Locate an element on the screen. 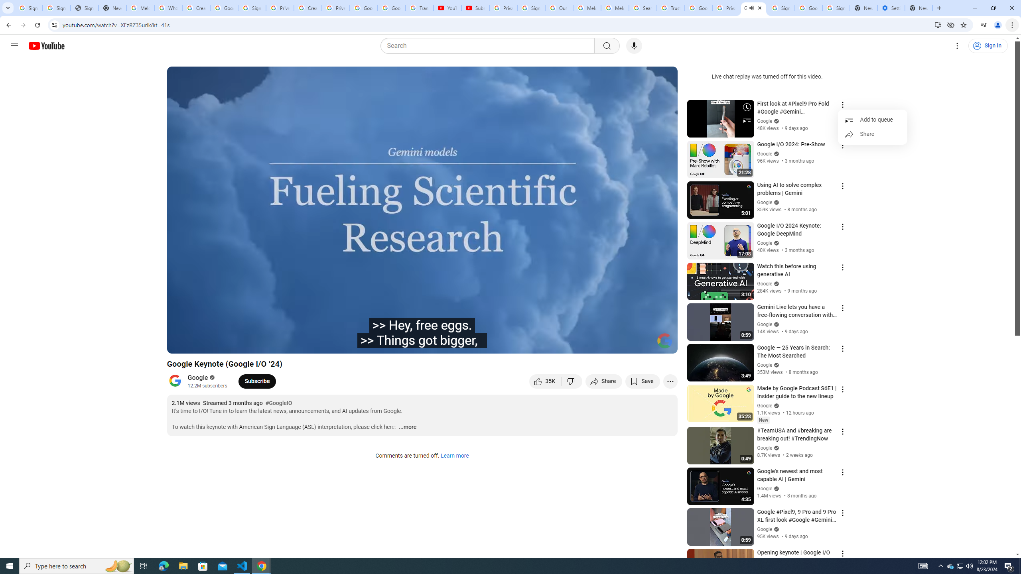 The width and height of the screenshot is (1021, 574). 'Search with your voice' is located at coordinates (634, 45).